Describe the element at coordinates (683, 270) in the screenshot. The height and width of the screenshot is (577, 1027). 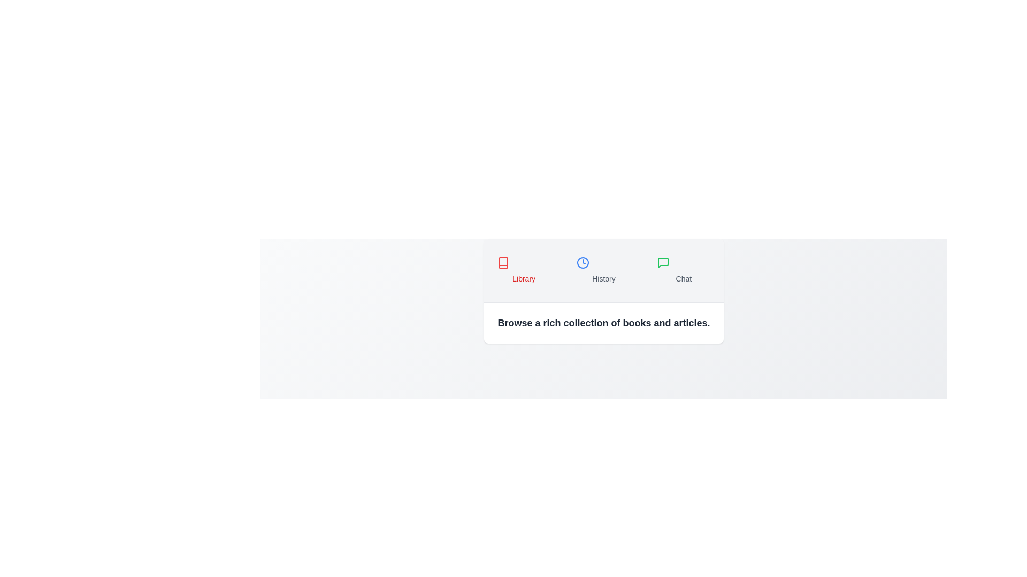
I see `the Chat tab to view its content` at that location.